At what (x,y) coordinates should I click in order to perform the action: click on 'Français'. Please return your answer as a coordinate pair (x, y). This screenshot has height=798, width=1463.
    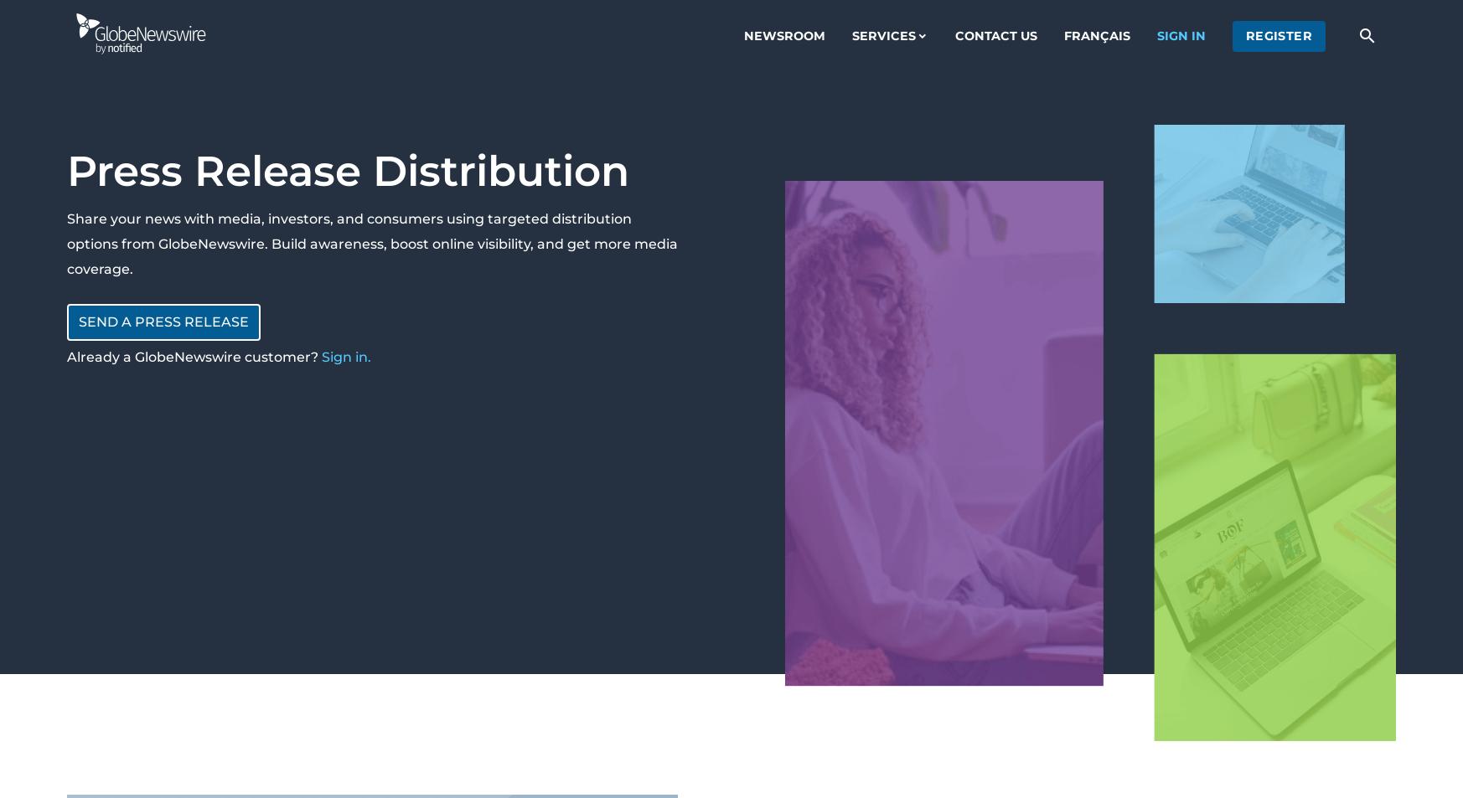
    Looking at the image, I should click on (1095, 34).